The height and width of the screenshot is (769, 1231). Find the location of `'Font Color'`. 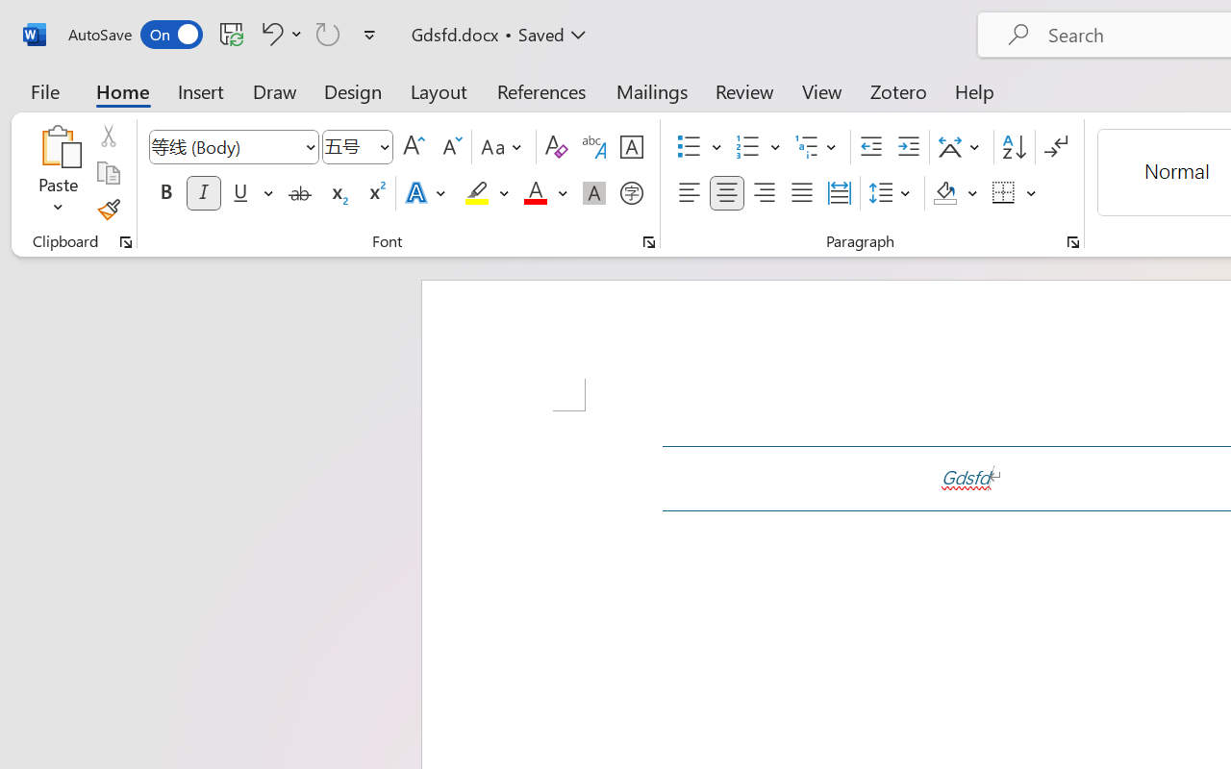

'Font Color' is located at coordinates (544, 193).